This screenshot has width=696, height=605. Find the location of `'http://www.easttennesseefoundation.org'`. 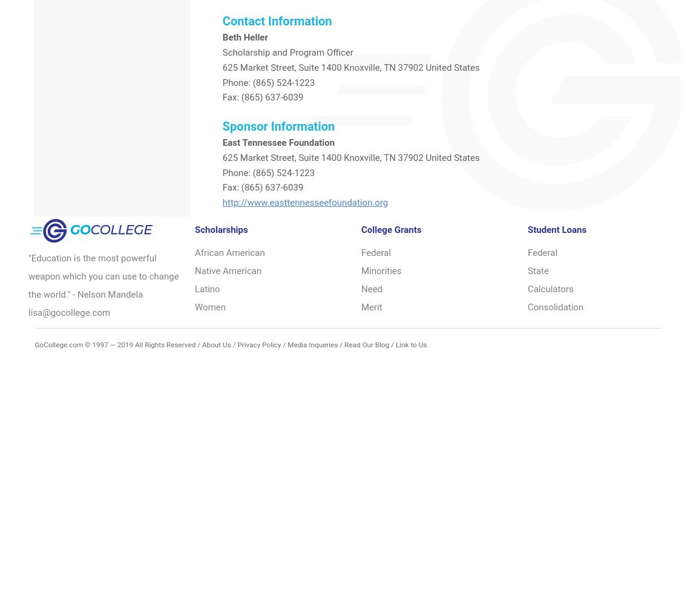

'http://www.easttennesseefoundation.org' is located at coordinates (305, 202).